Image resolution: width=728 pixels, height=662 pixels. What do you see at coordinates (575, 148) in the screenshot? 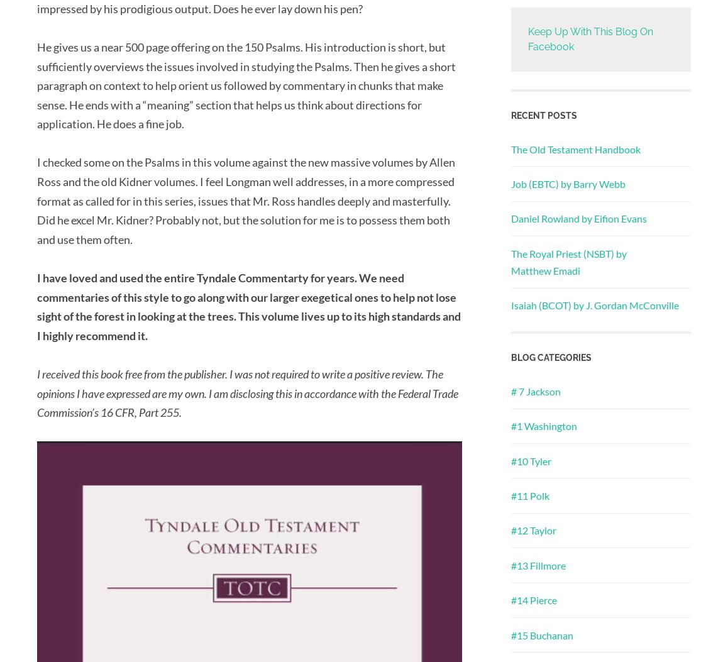
I see `'The Old Testament Handbook'` at bounding box center [575, 148].